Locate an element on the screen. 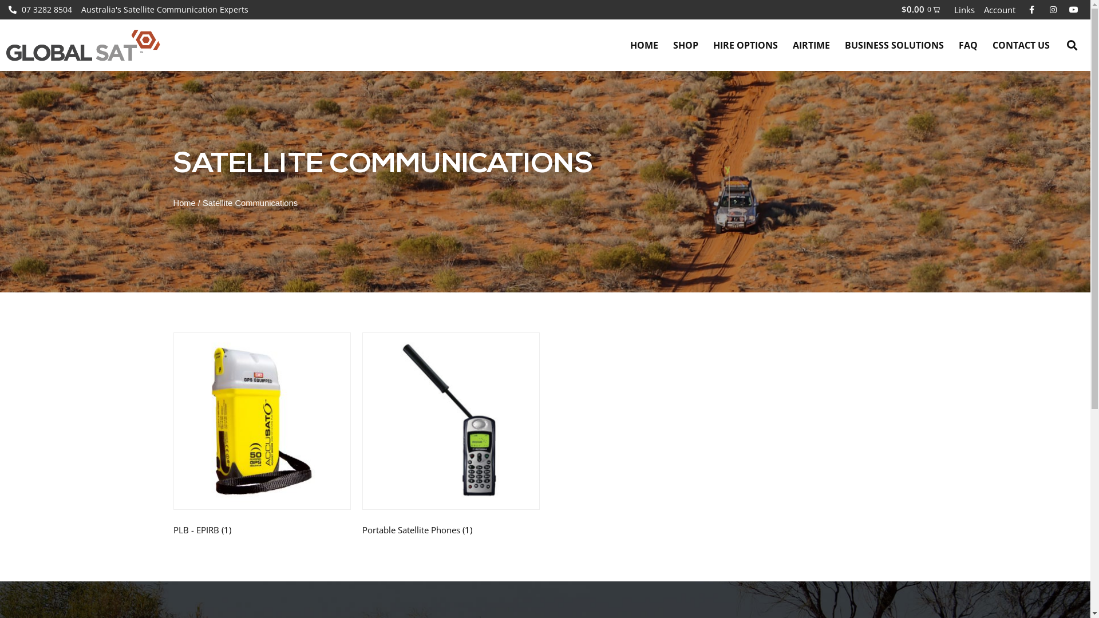  'HOME' is located at coordinates (644, 44).